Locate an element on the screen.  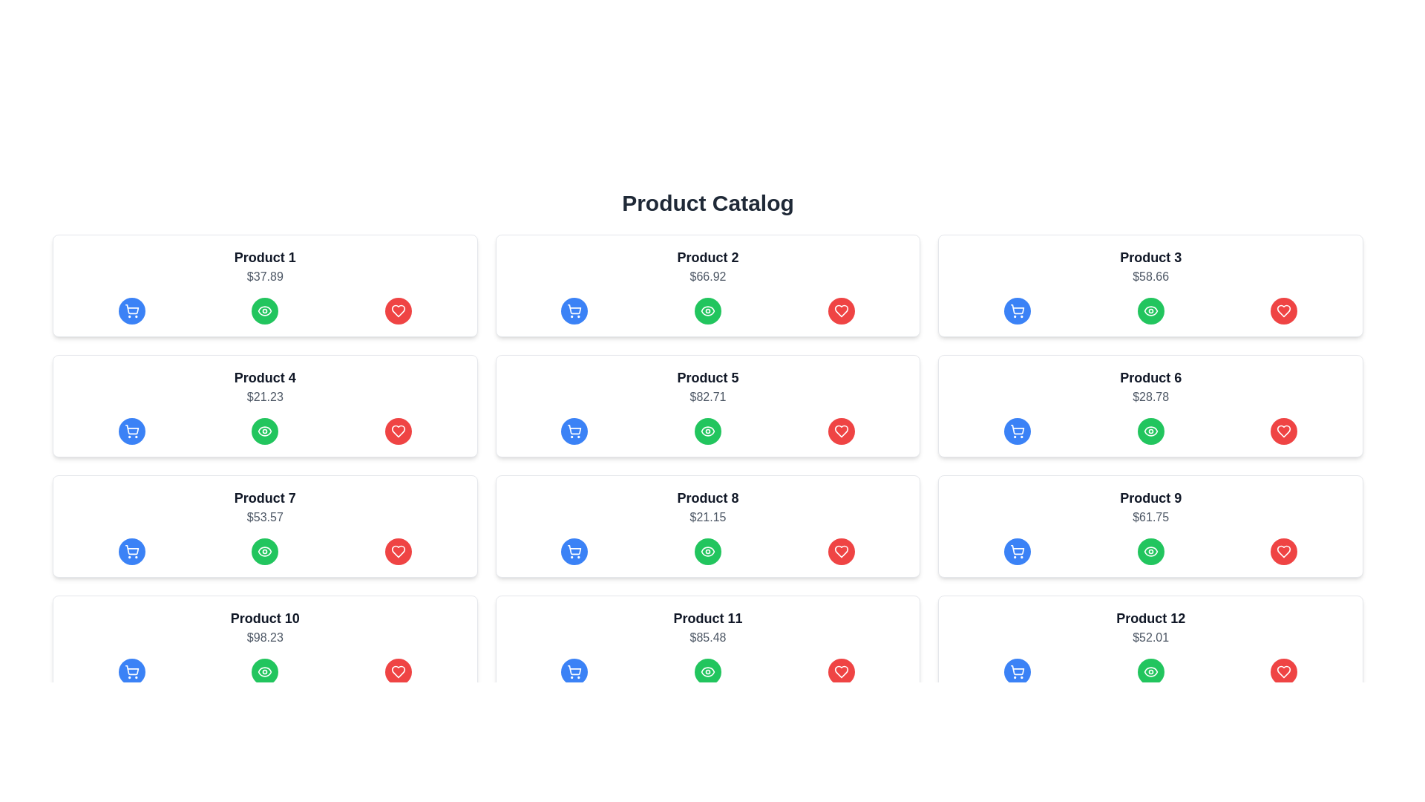
the green circular button with an eye icon located under the 'Product 7' card in the product catalog grid is located at coordinates (265, 552).